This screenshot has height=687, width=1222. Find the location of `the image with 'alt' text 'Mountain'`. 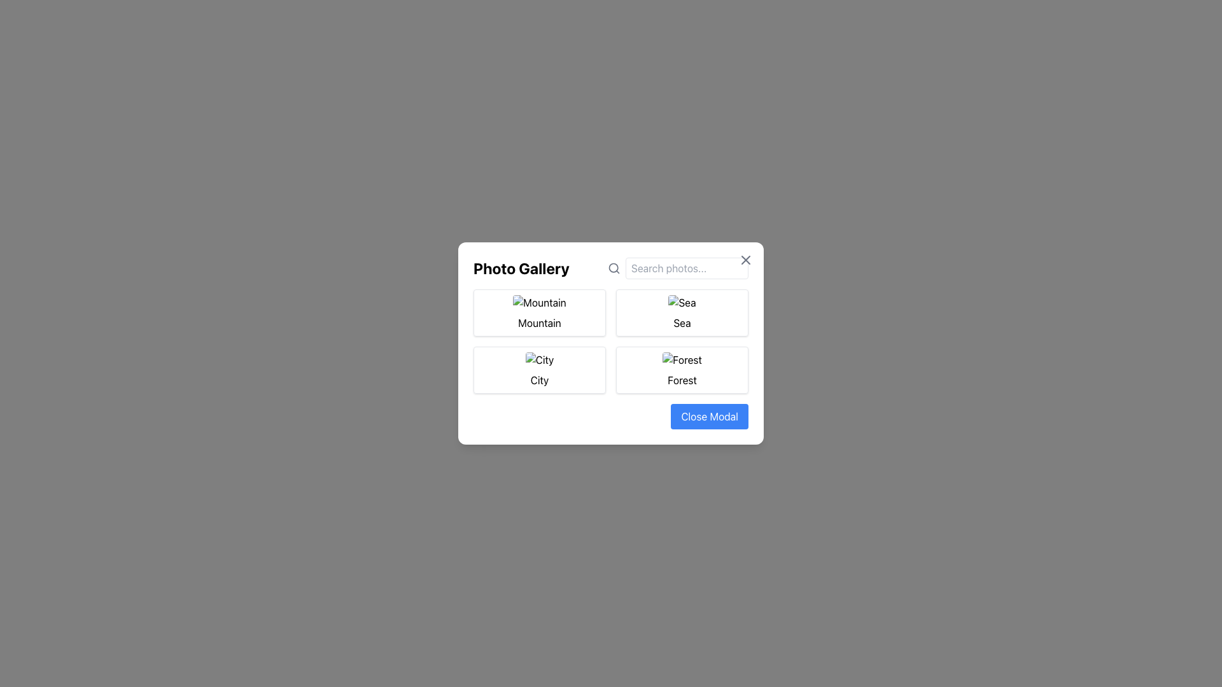

the image with 'alt' text 'Mountain' is located at coordinates (540, 302).